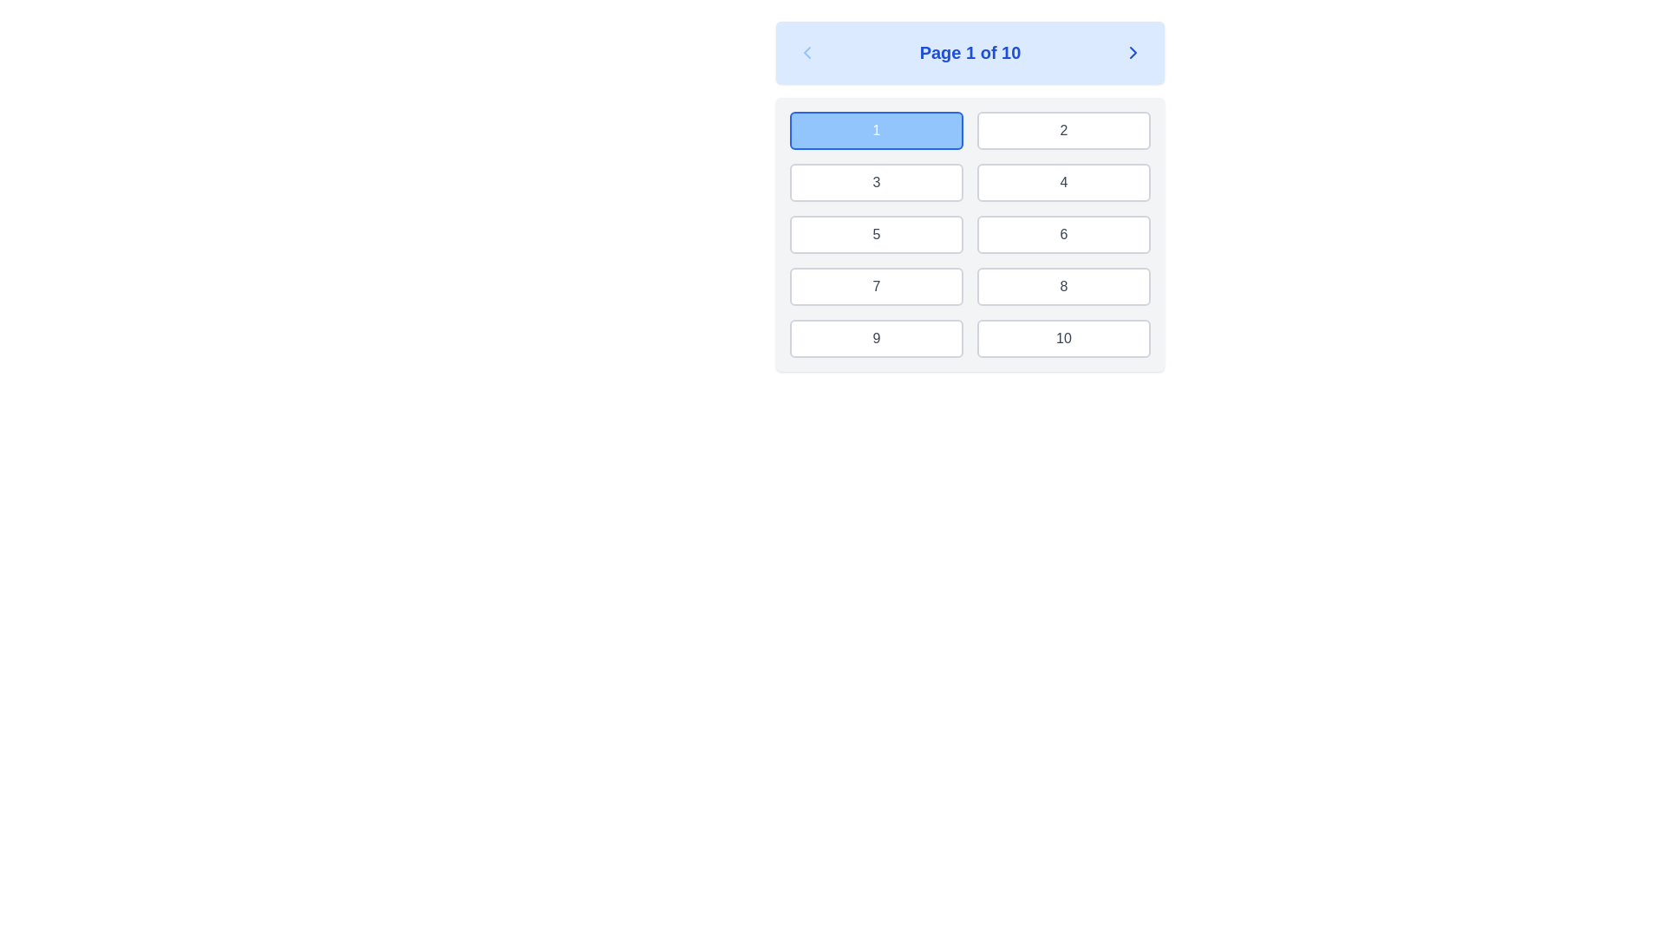  Describe the element at coordinates (1063, 234) in the screenshot. I see `the button in the second column and third row of the numeric grid` at that location.